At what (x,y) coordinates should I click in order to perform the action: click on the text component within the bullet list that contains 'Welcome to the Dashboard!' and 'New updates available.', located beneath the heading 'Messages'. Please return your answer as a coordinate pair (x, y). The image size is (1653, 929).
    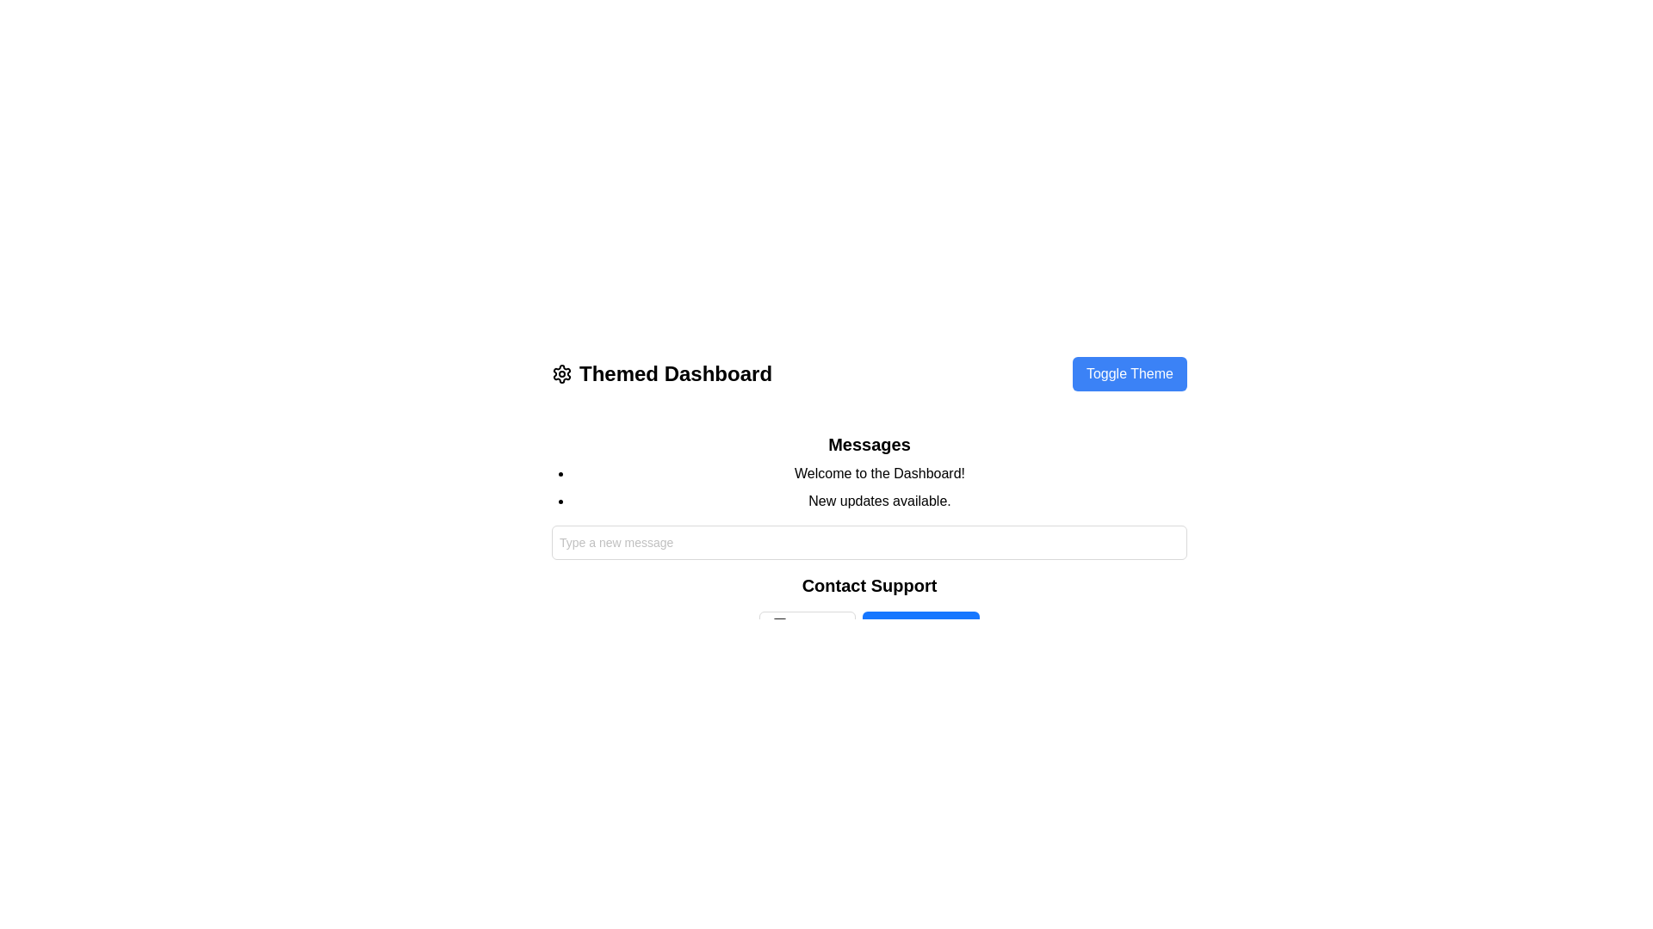
    Looking at the image, I should click on (869, 488).